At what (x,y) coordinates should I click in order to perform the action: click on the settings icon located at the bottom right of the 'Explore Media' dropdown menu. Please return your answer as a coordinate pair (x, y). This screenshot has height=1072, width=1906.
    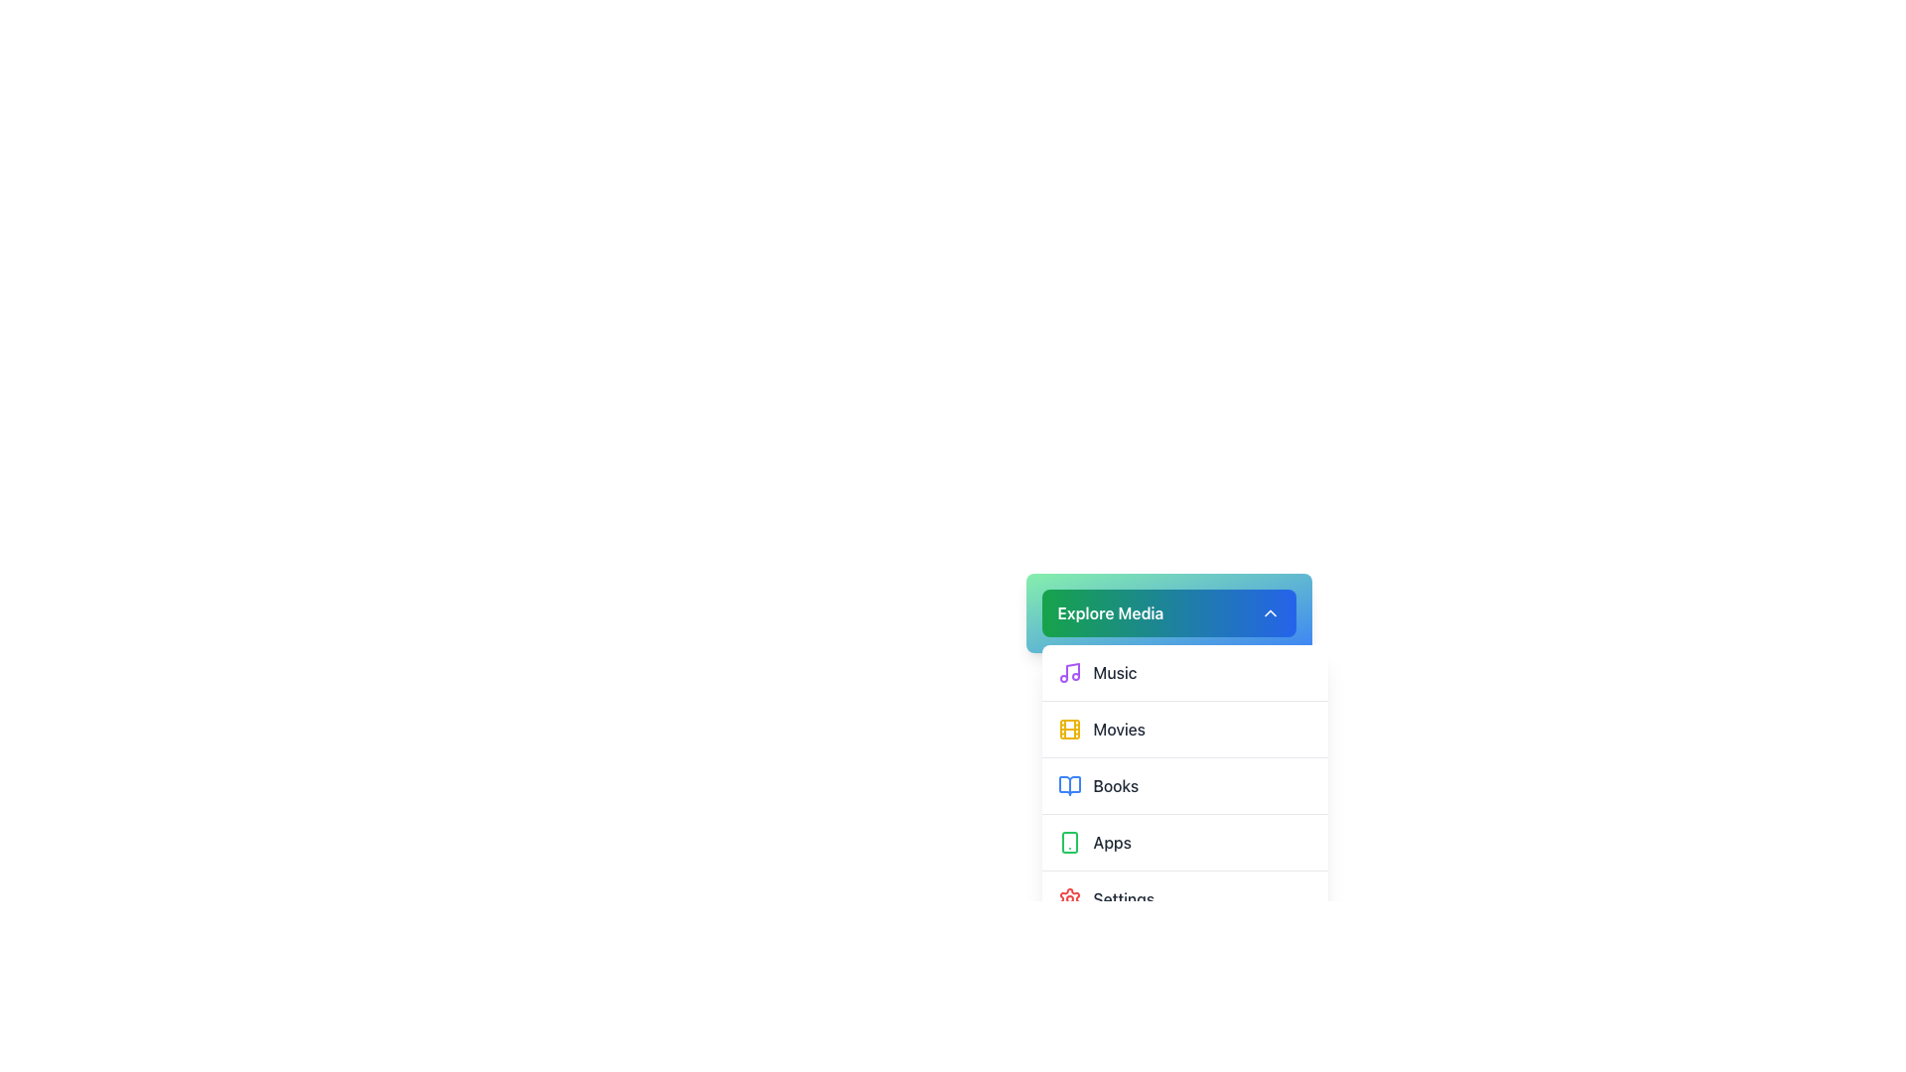
    Looking at the image, I should click on (1068, 899).